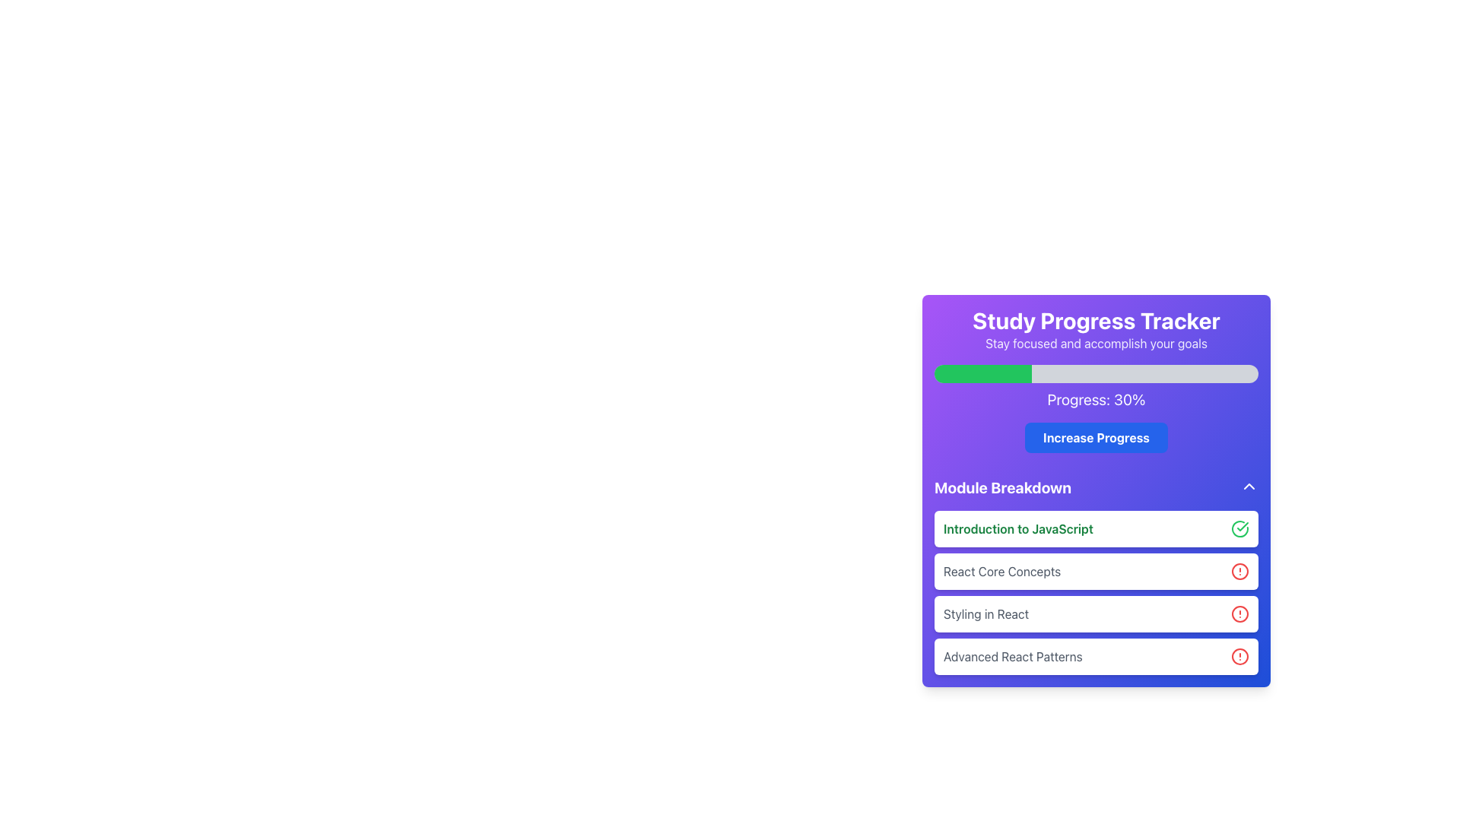  What do you see at coordinates (1096, 576) in the screenshot?
I see `the 'React Core Concepts' list item element with a red circular icon in the 'Module Breakdown' section` at bounding box center [1096, 576].